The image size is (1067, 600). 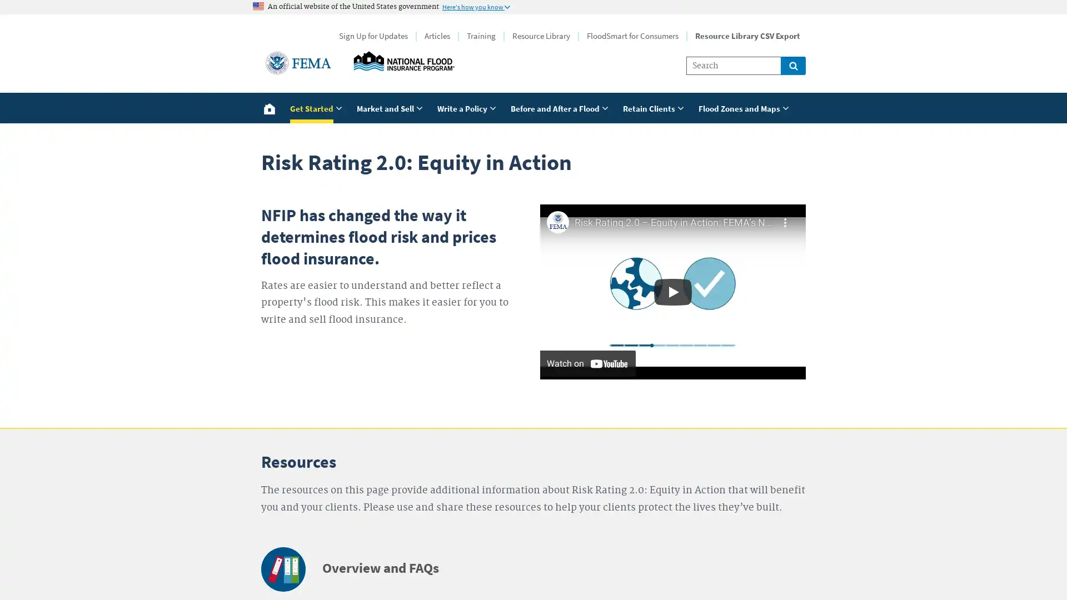 I want to click on Use <enter> and shift + <enter> to open and close the drop down to sub-menus, so click(x=655, y=107).